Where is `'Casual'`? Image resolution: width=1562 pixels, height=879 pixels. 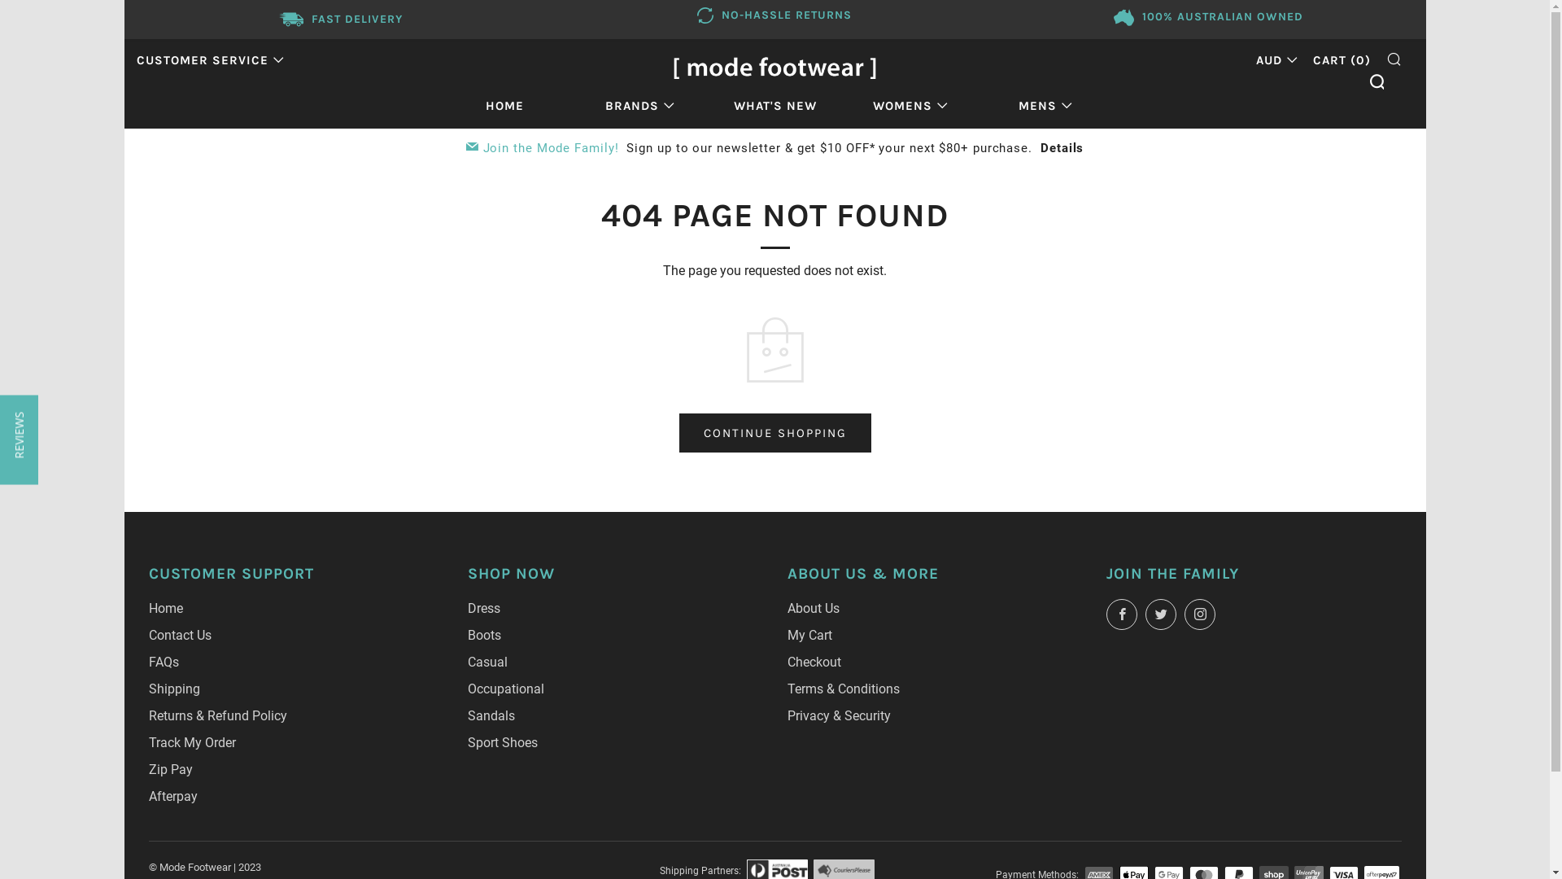 'Casual' is located at coordinates (486, 662).